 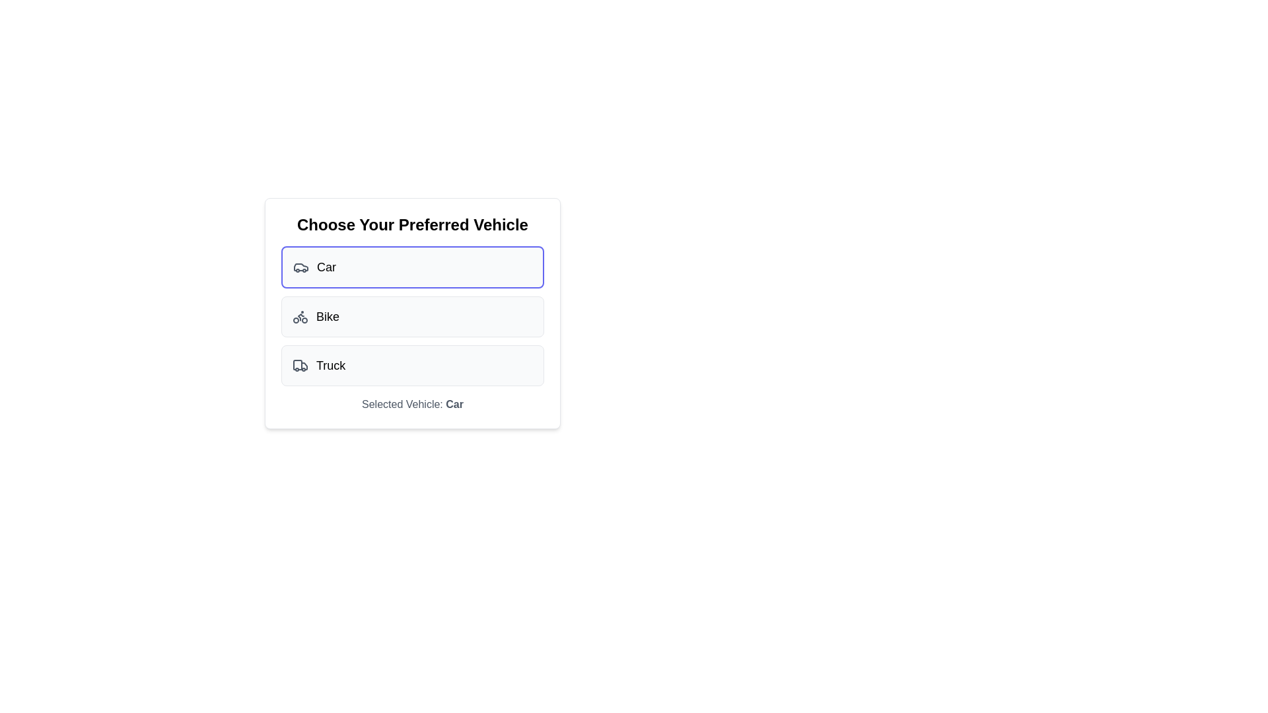 What do you see at coordinates (411, 316) in the screenshot?
I see `the 'Bike' selectable button, which is the second segment in a list of three` at bounding box center [411, 316].